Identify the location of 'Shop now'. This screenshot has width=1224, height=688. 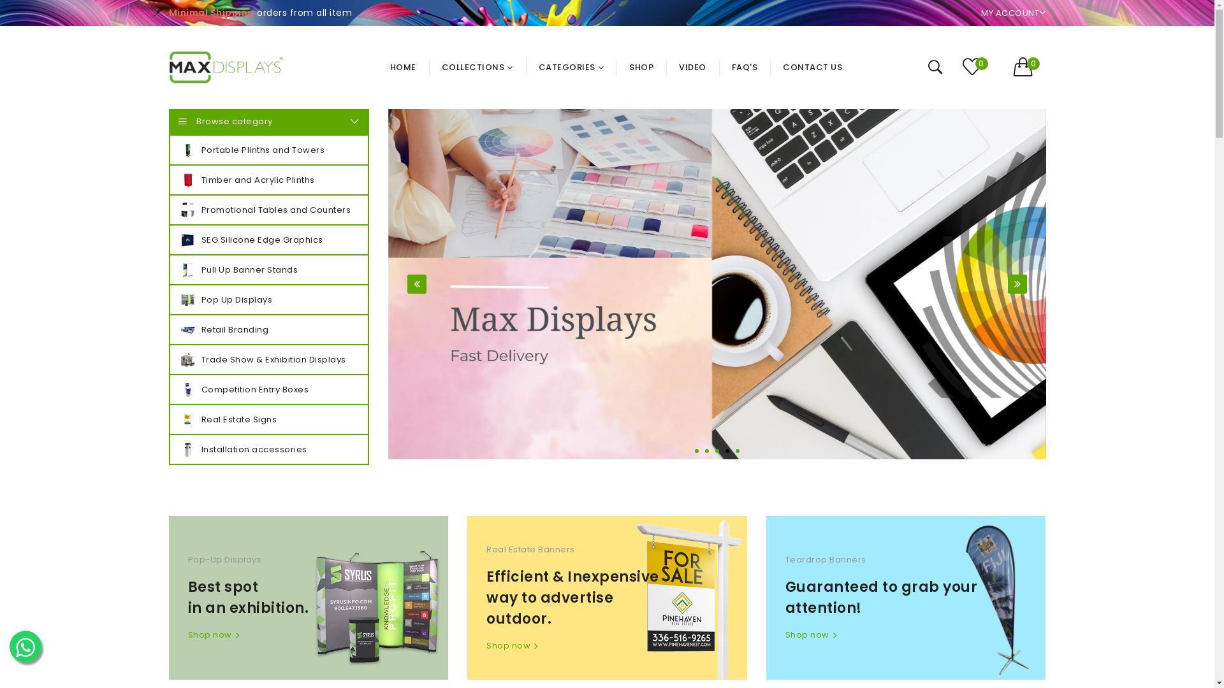
(486, 646).